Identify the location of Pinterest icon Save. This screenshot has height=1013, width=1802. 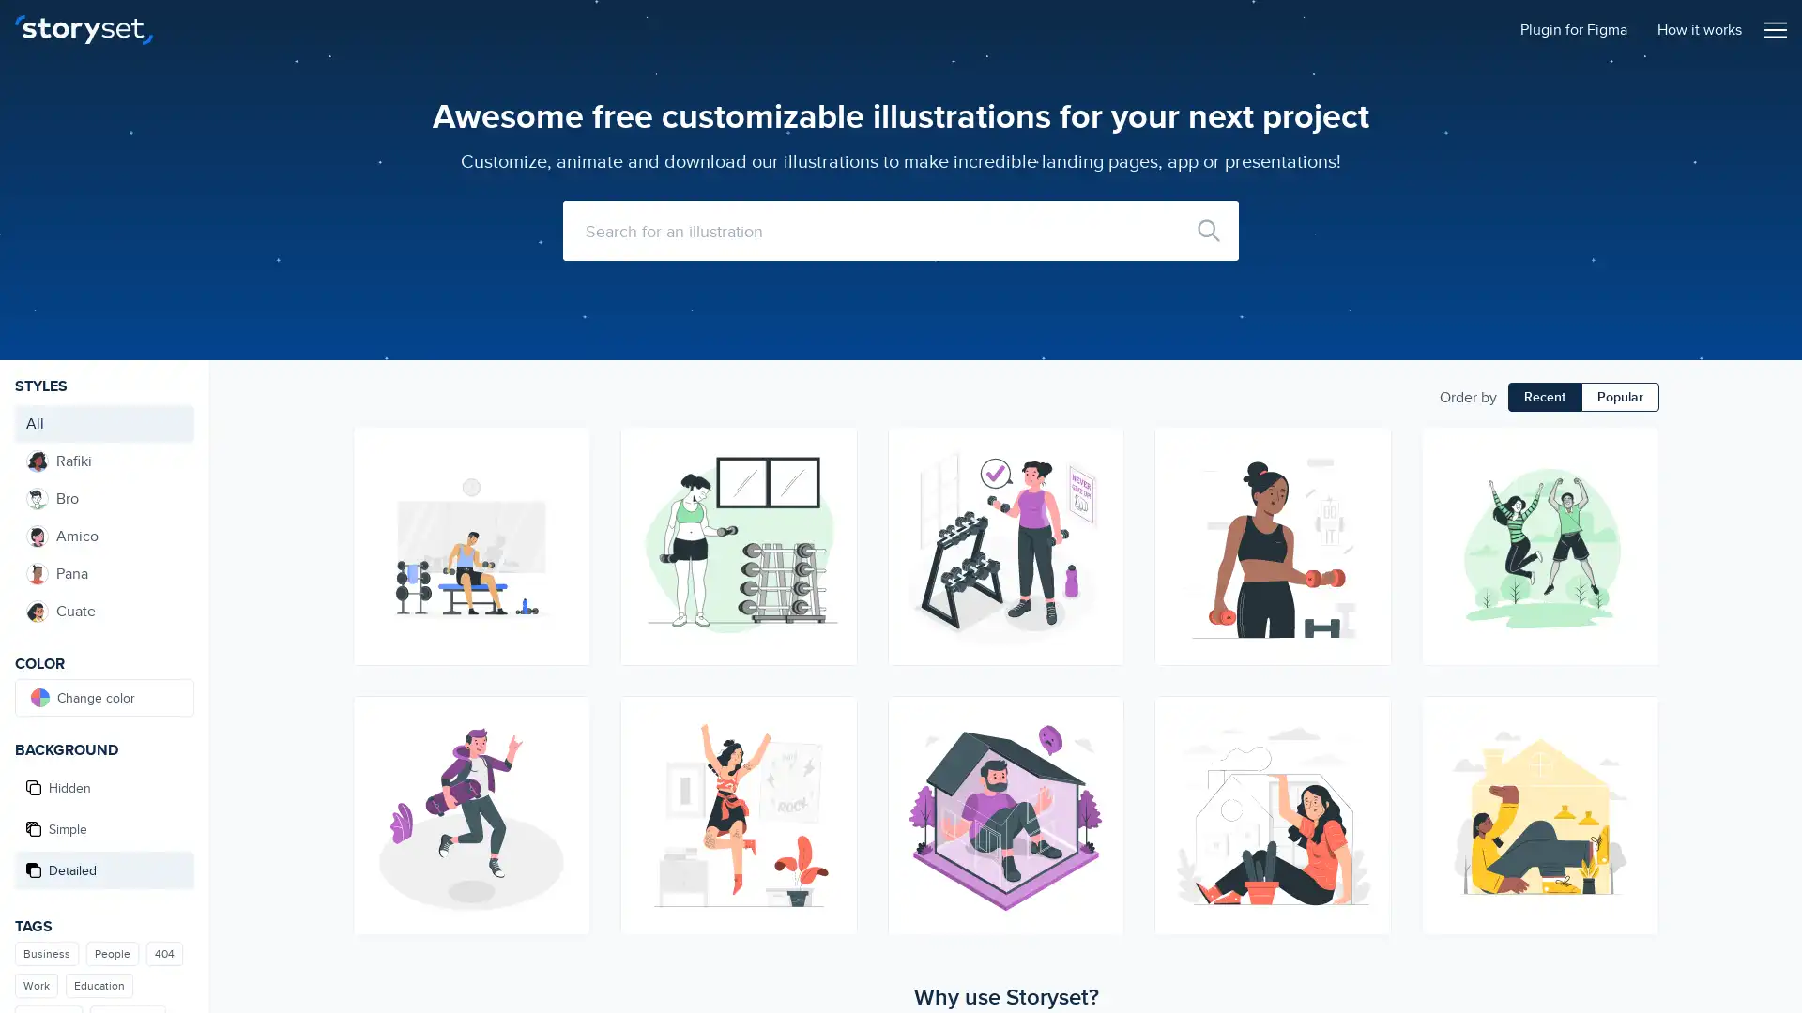
(832, 785).